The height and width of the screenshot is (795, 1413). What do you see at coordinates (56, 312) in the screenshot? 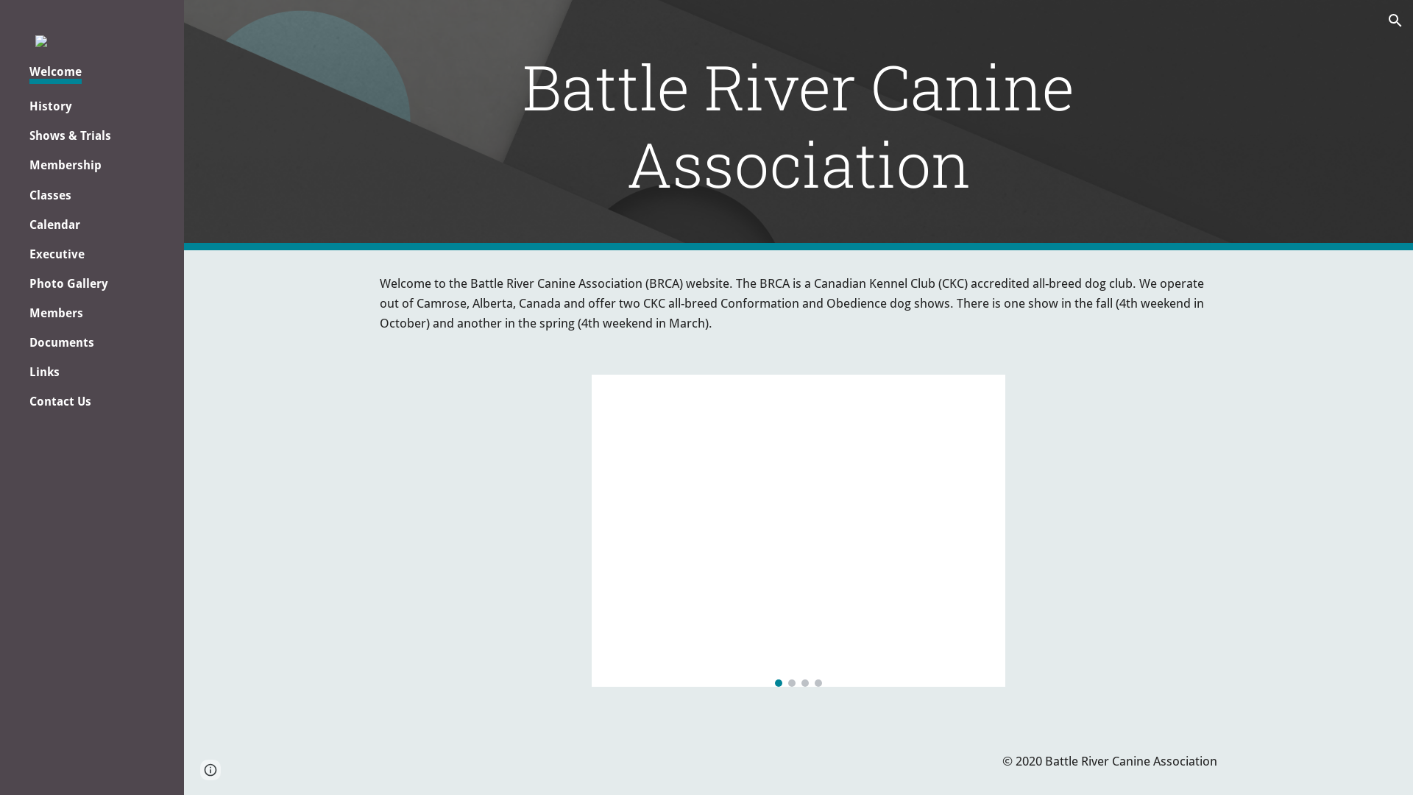
I see `'Members'` at bounding box center [56, 312].